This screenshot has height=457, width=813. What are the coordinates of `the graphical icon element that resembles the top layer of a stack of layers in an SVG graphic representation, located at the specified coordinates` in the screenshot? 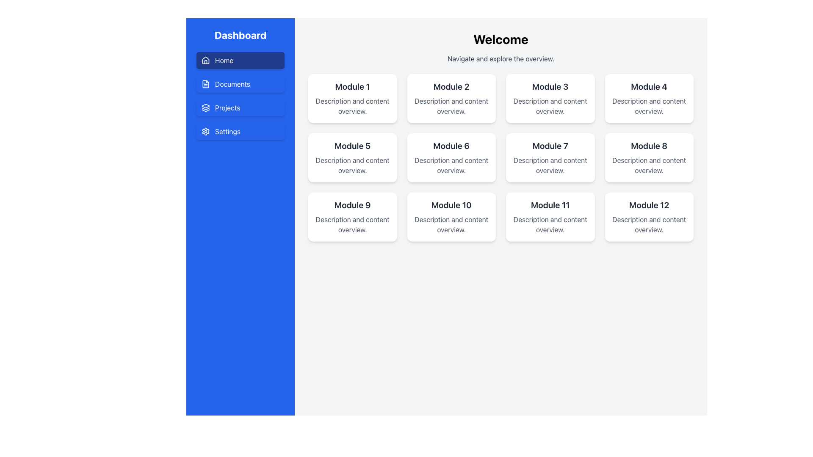 It's located at (205, 105).